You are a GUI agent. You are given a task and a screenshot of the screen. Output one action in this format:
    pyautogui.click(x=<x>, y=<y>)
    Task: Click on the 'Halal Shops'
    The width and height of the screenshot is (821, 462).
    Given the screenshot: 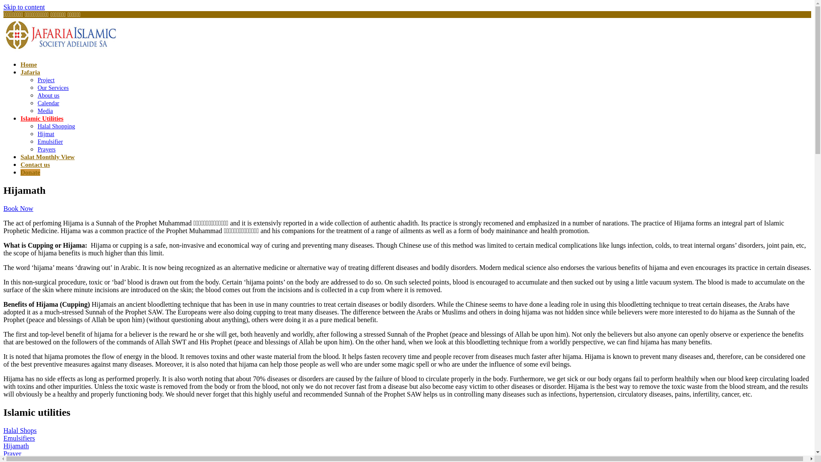 What is the action you would take?
    pyautogui.click(x=20, y=430)
    